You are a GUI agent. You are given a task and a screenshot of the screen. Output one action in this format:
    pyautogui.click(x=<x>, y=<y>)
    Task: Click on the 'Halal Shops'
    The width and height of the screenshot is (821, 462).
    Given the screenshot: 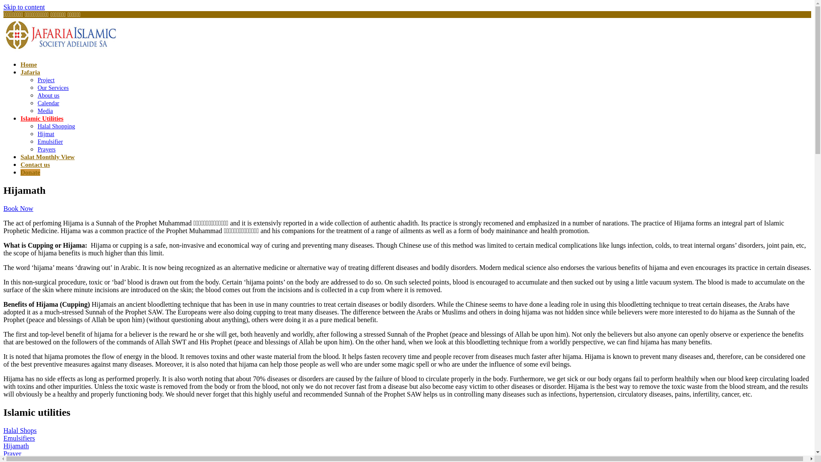 What is the action you would take?
    pyautogui.click(x=20, y=430)
    